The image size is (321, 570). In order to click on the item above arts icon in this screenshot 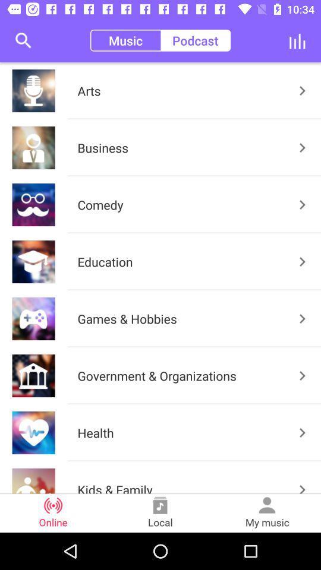, I will do `click(195, 40)`.